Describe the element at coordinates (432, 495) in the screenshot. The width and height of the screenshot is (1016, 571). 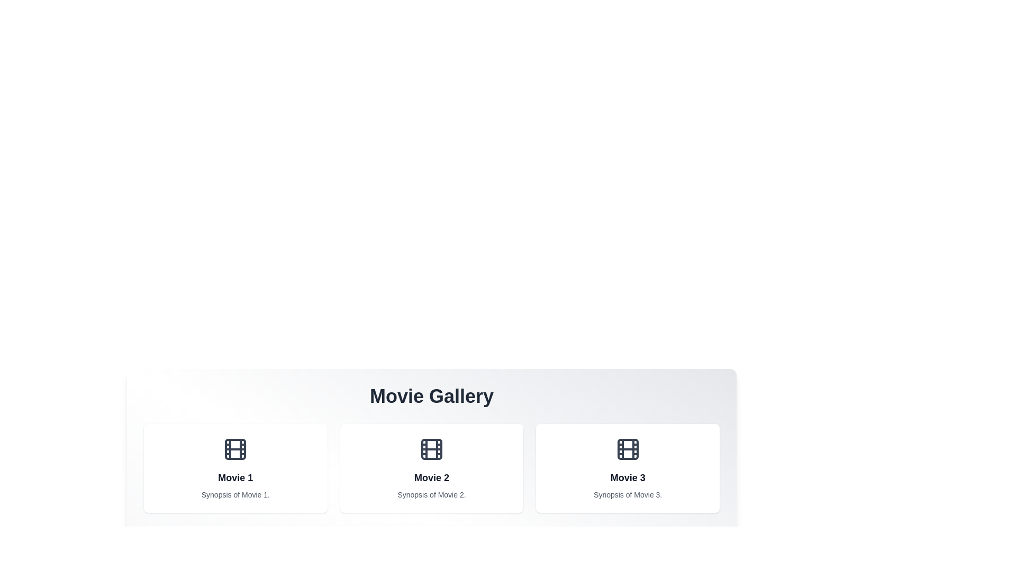
I see `the text label that serves as a synopsis for 'Movie 2', which is located directly below the title text in the second movie card` at that location.